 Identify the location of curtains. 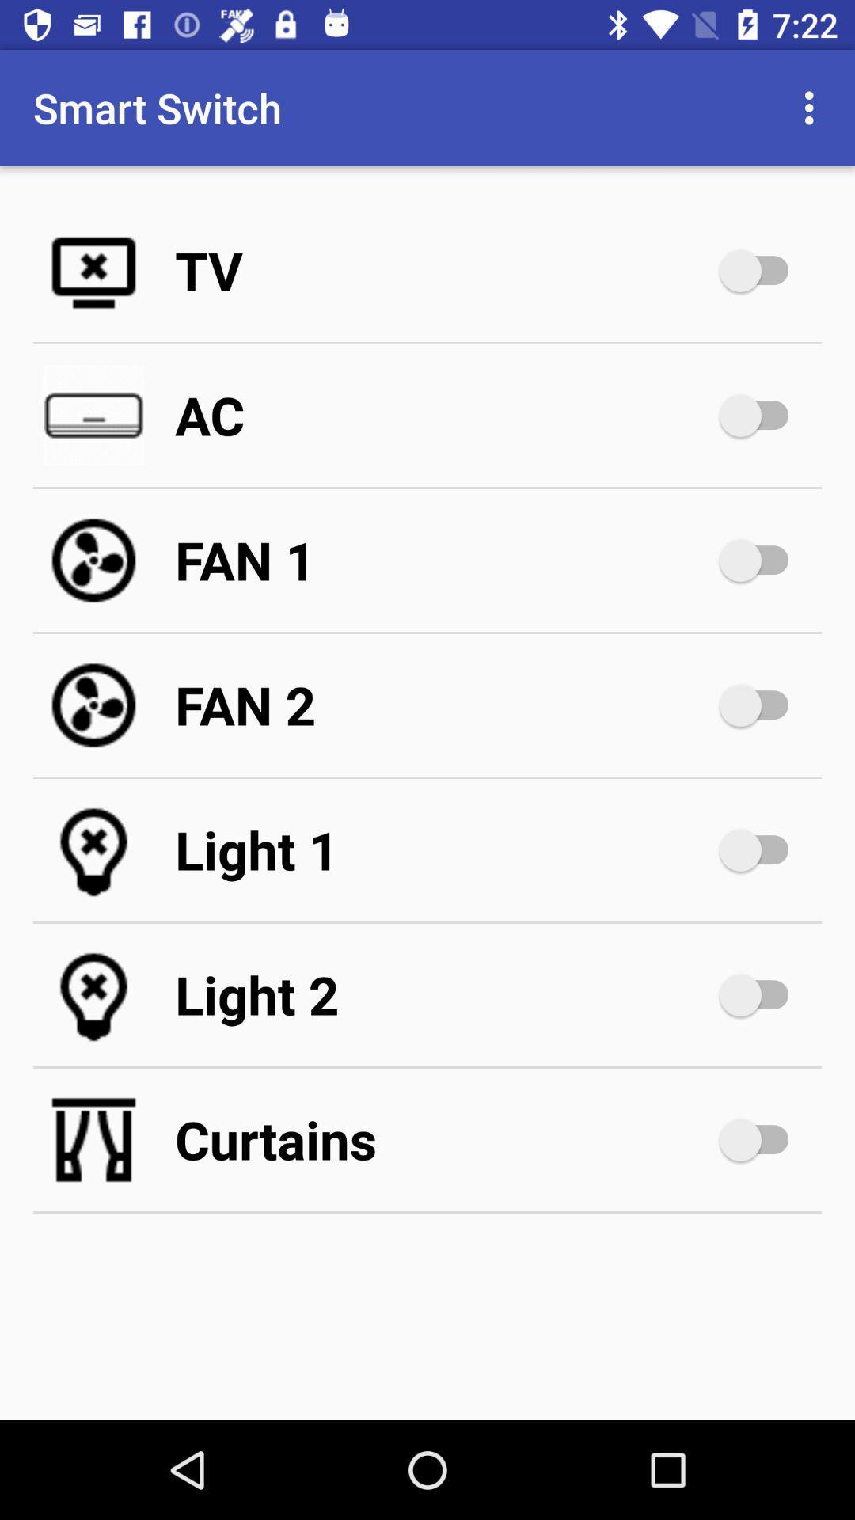
(761, 1140).